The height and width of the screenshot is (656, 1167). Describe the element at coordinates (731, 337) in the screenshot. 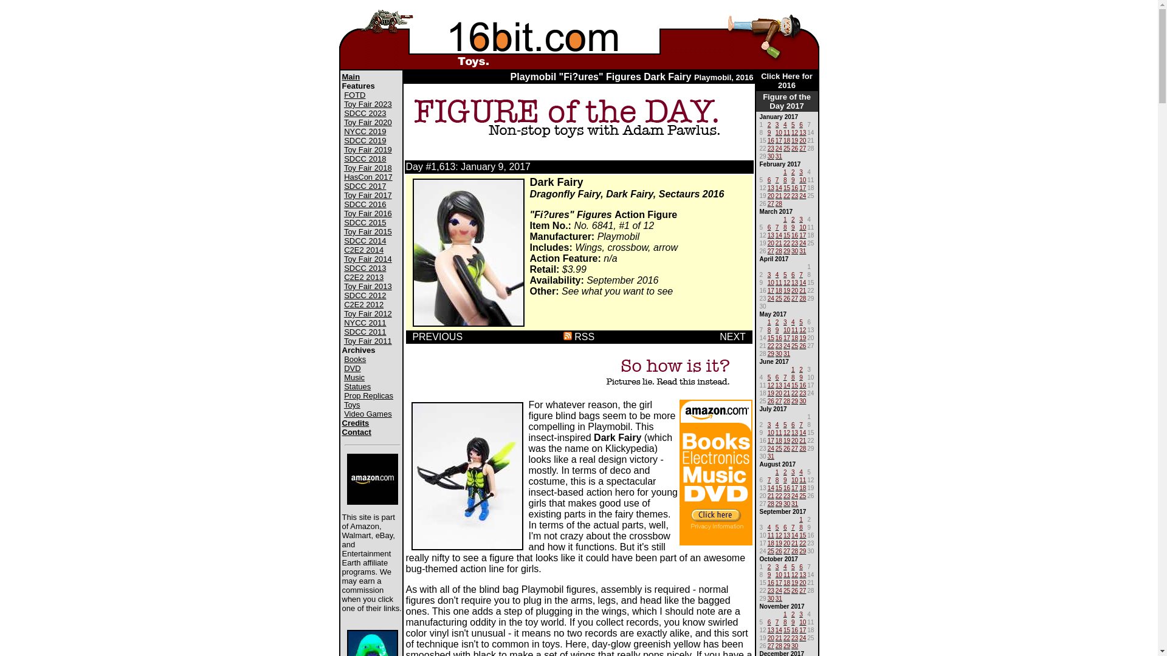

I see `'NEXT'` at that location.